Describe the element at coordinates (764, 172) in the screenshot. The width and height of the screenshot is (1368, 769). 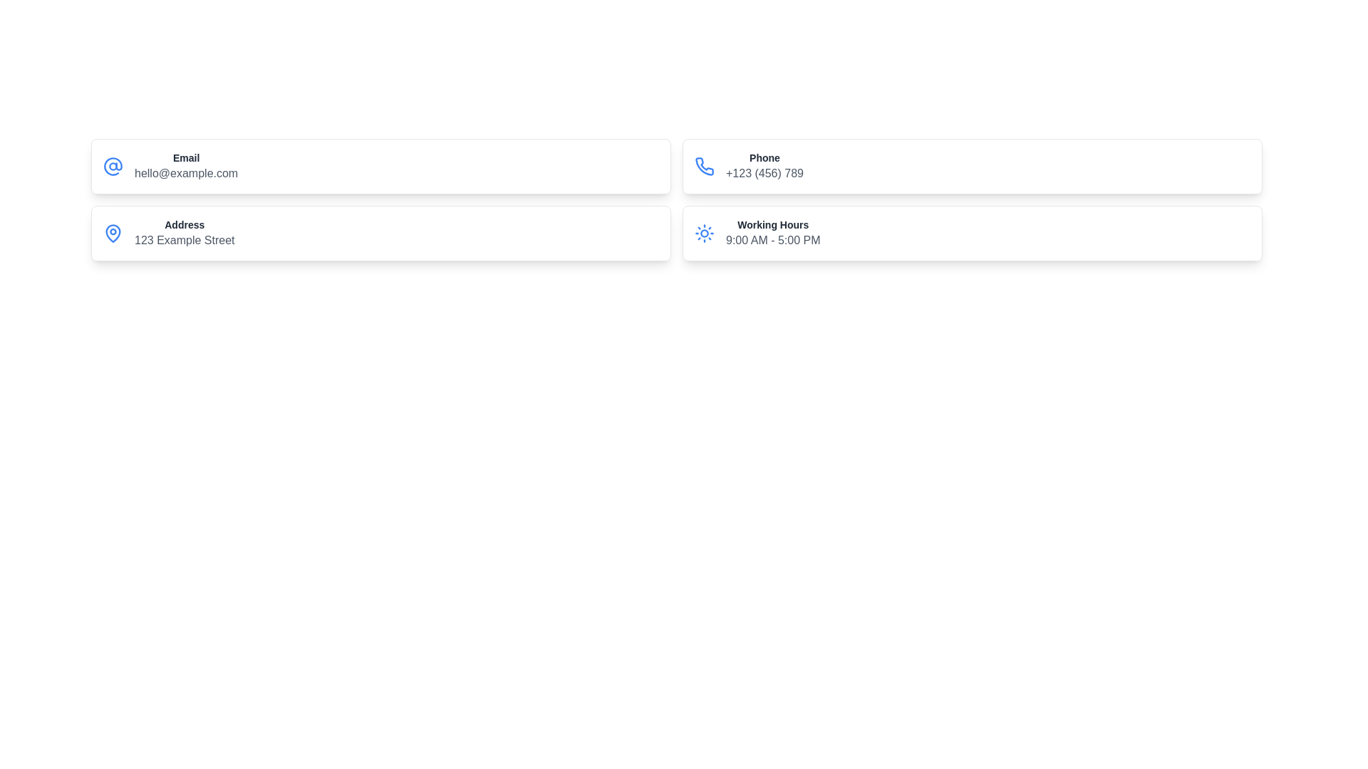
I see `displayed phone number '+123 (456) 789' from the gray text component located to the right of the 'Phone' label` at that location.